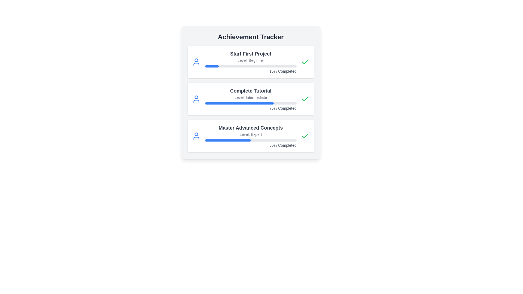 The height and width of the screenshot is (294, 523). What do you see at coordinates (250, 128) in the screenshot?
I see `the text element that displays 'Master Advanced Concepts', which is located at the top section of the third task card in the 'Achievement Tracker' interface` at bounding box center [250, 128].